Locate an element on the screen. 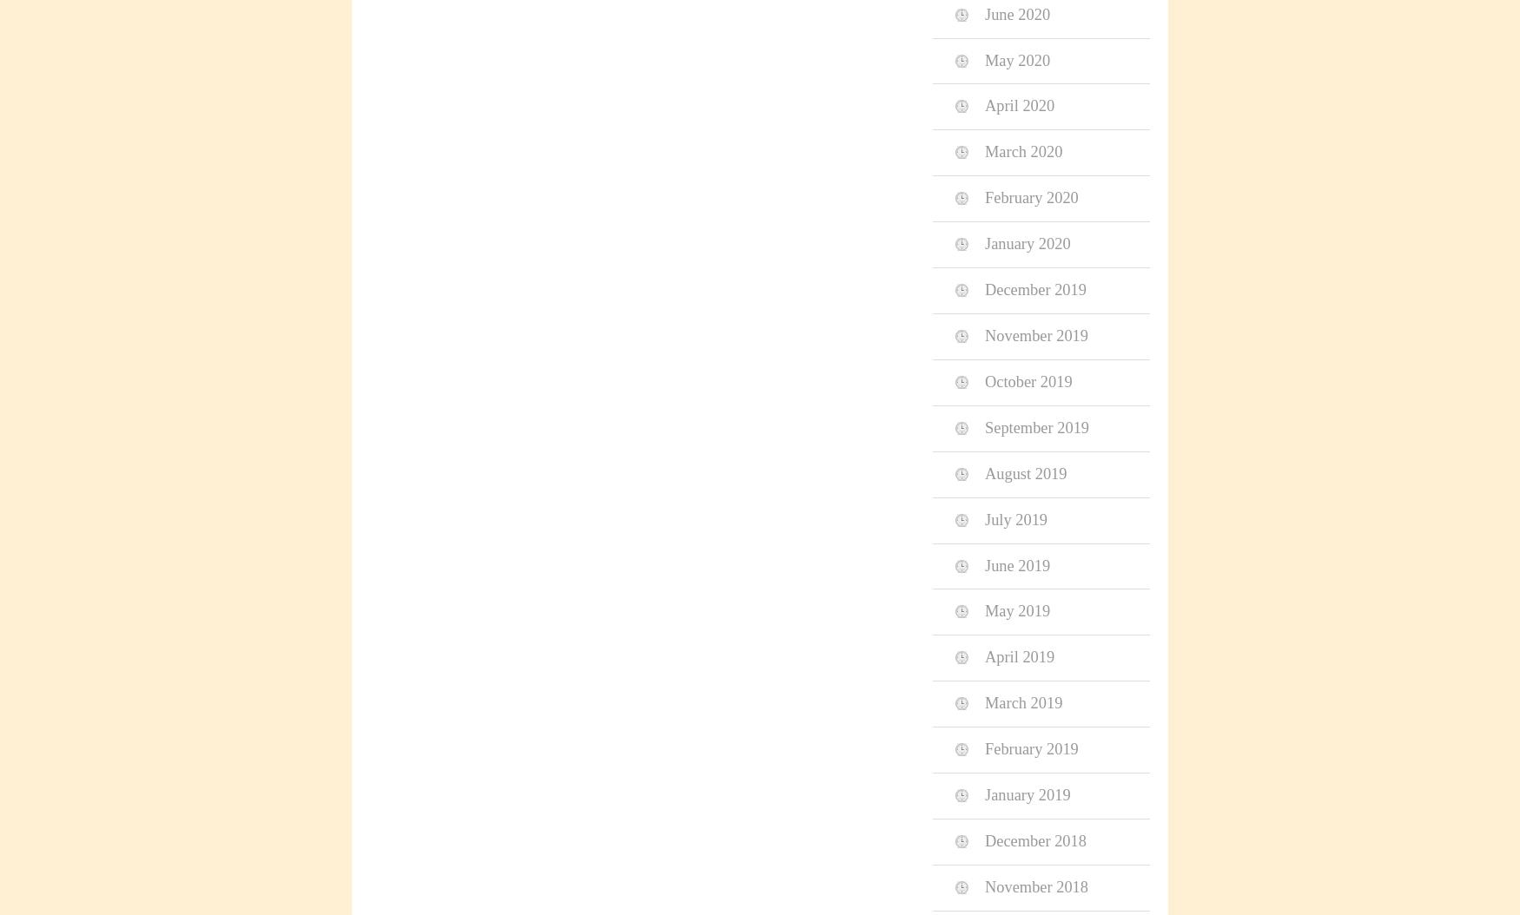 This screenshot has height=915, width=1520. 'October 2019' is located at coordinates (984, 380).